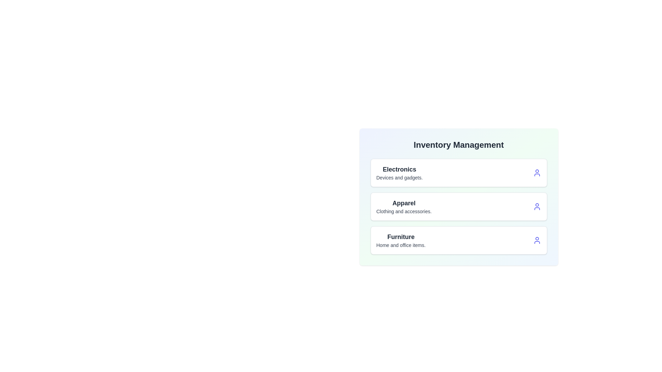 The width and height of the screenshot is (662, 372). What do you see at coordinates (404, 211) in the screenshot?
I see `the description text of the category Apparel` at bounding box center [404, 211].